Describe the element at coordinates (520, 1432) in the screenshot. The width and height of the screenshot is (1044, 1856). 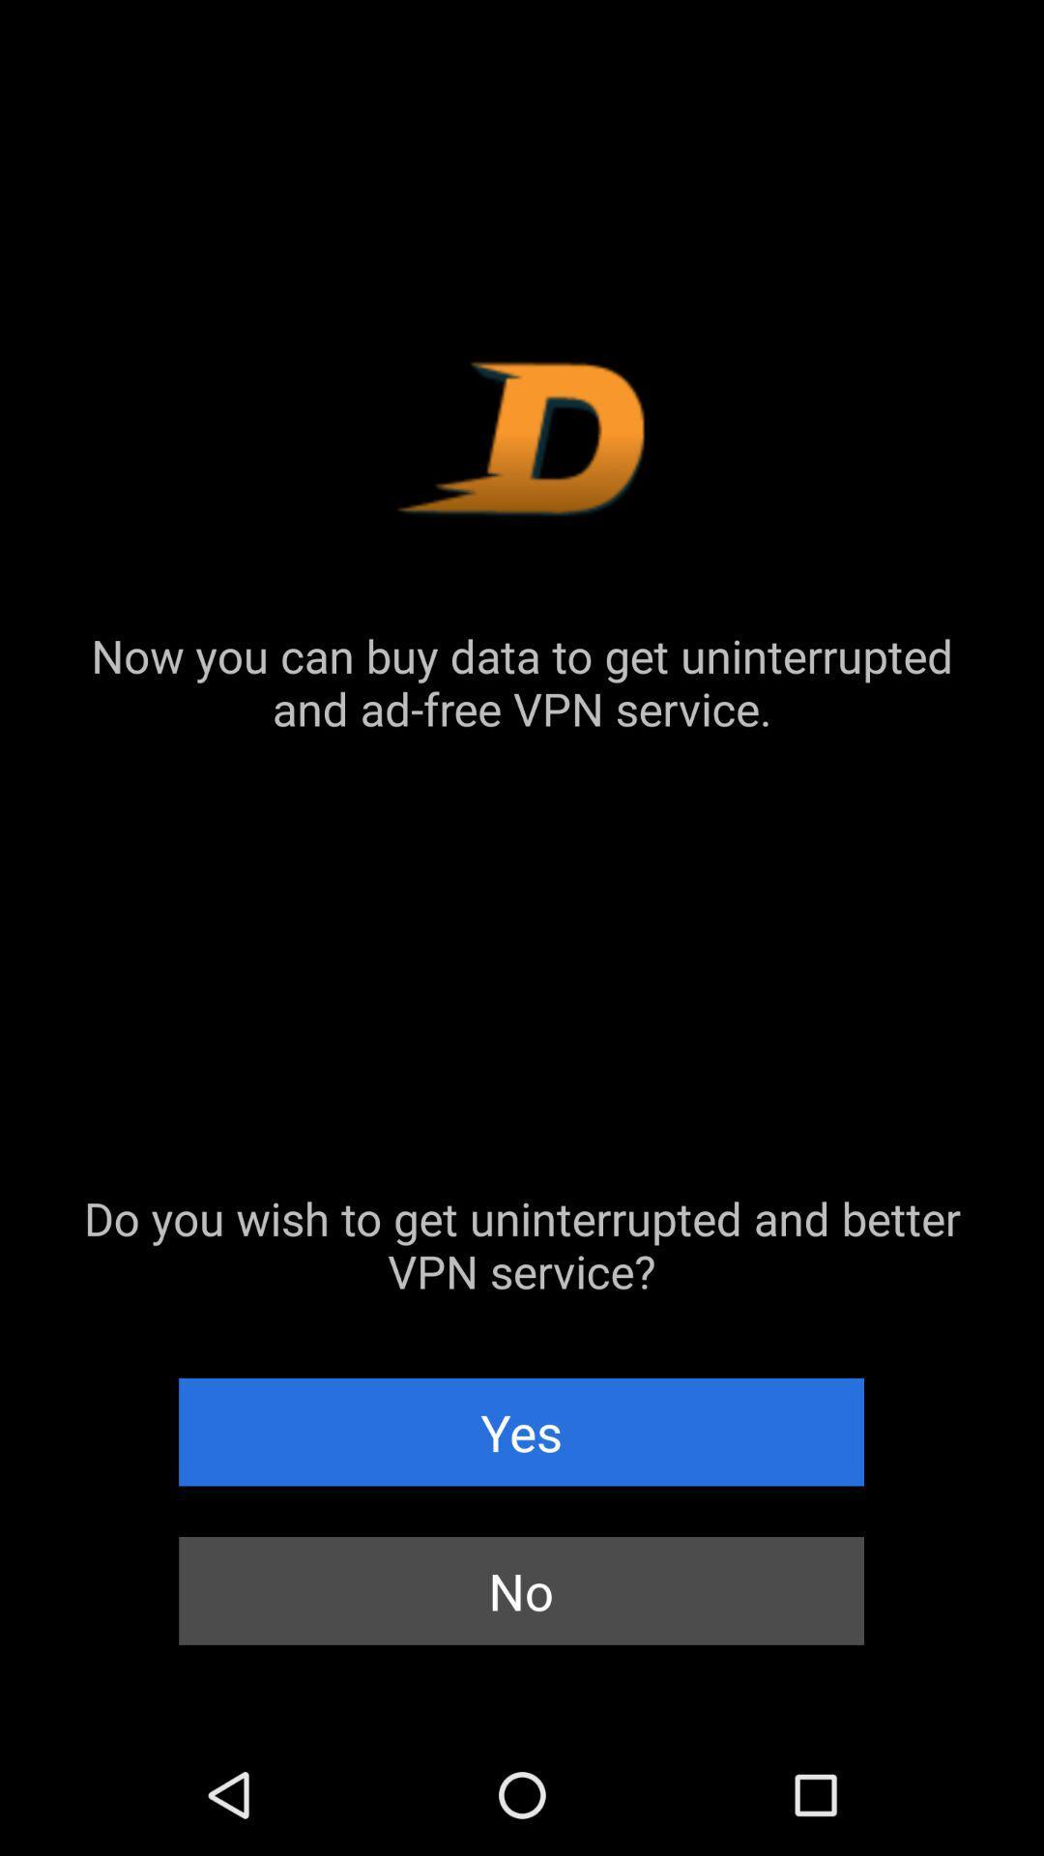
I see `the item above no item` at that location.